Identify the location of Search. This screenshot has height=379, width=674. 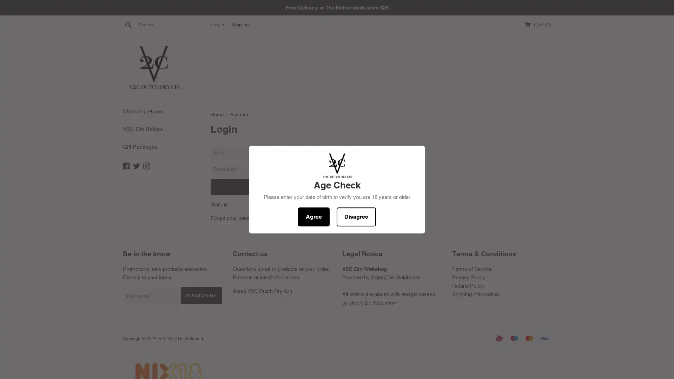
(128, 24).